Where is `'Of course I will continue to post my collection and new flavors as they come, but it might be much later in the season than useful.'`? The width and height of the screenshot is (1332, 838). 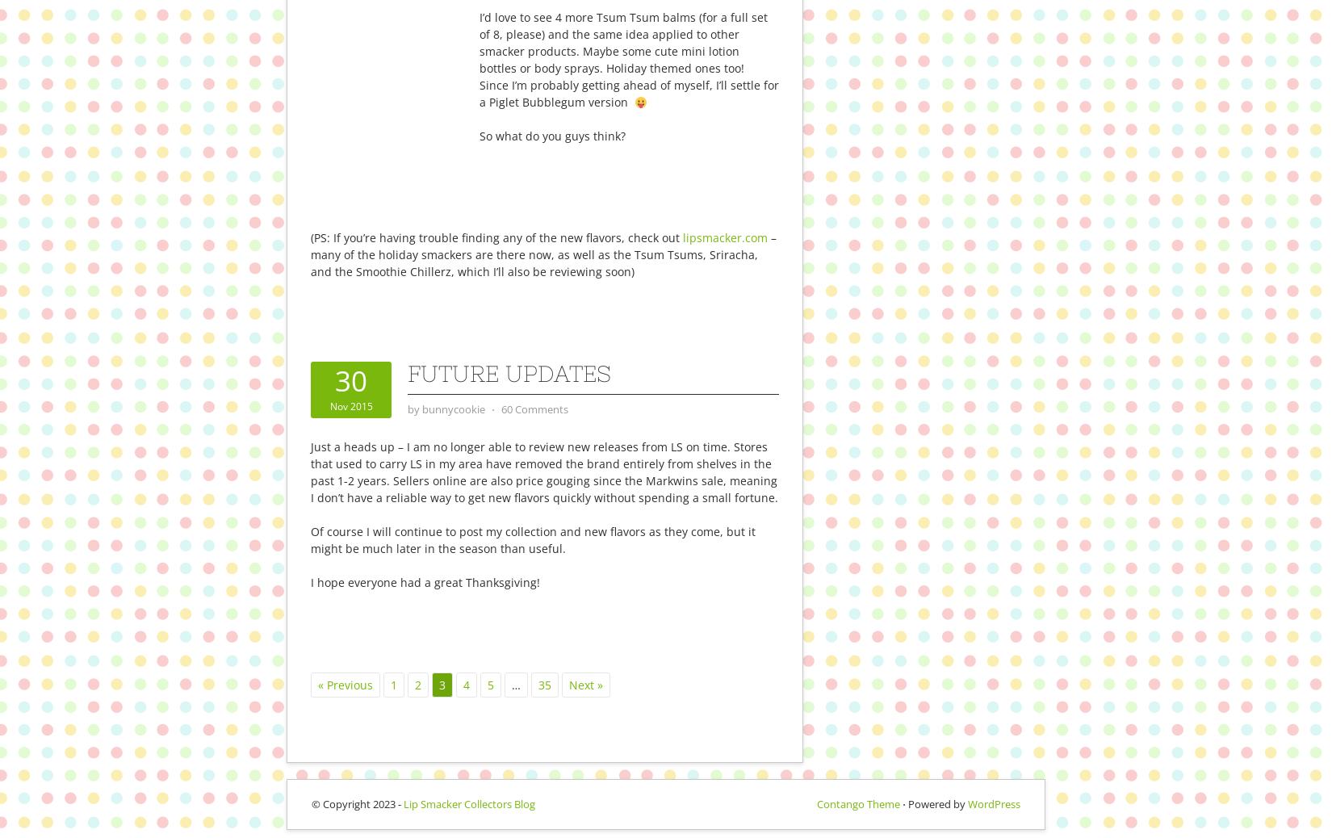
'Of course I will continue to post my collection and new flavors as they come, but it might be much later in the season than useful.' is located at coordinates (532, 538).